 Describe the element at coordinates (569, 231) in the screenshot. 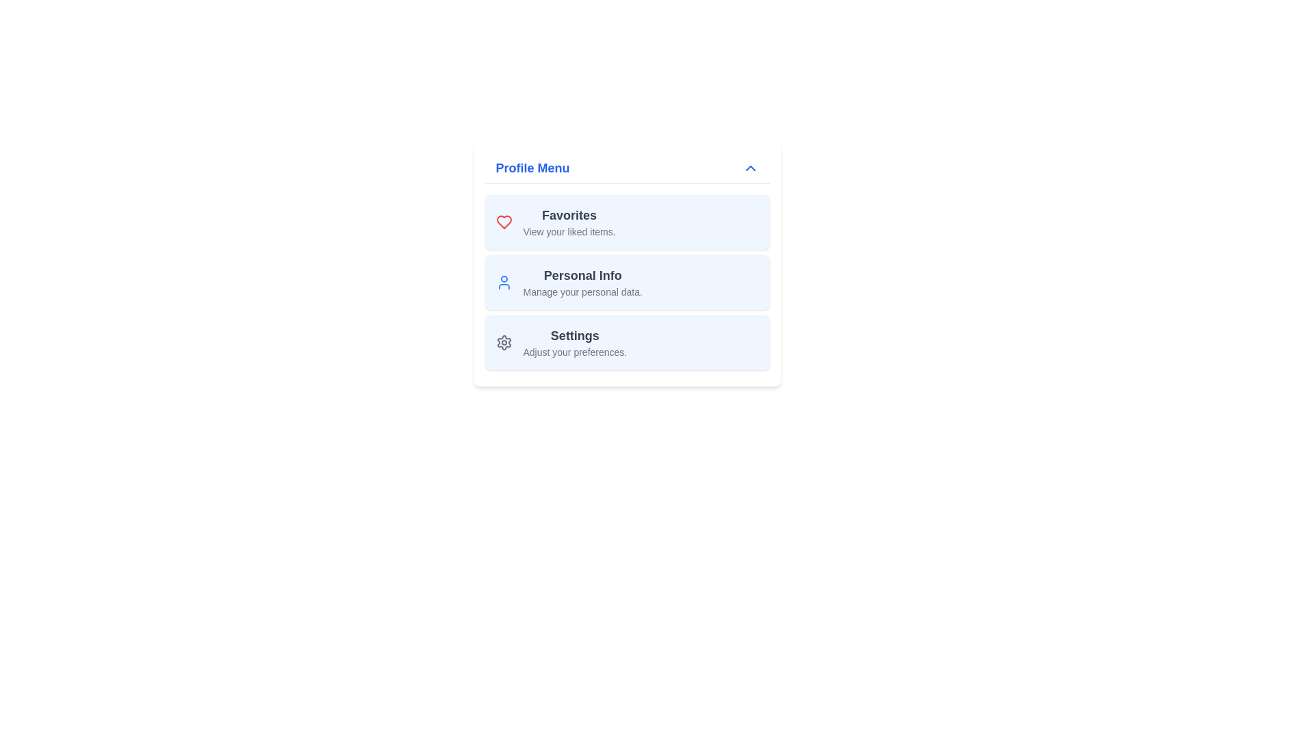

I see `the text label that reads 'View your liked items.' located below the 'Favorites' label in the profile menu interface` at that location.